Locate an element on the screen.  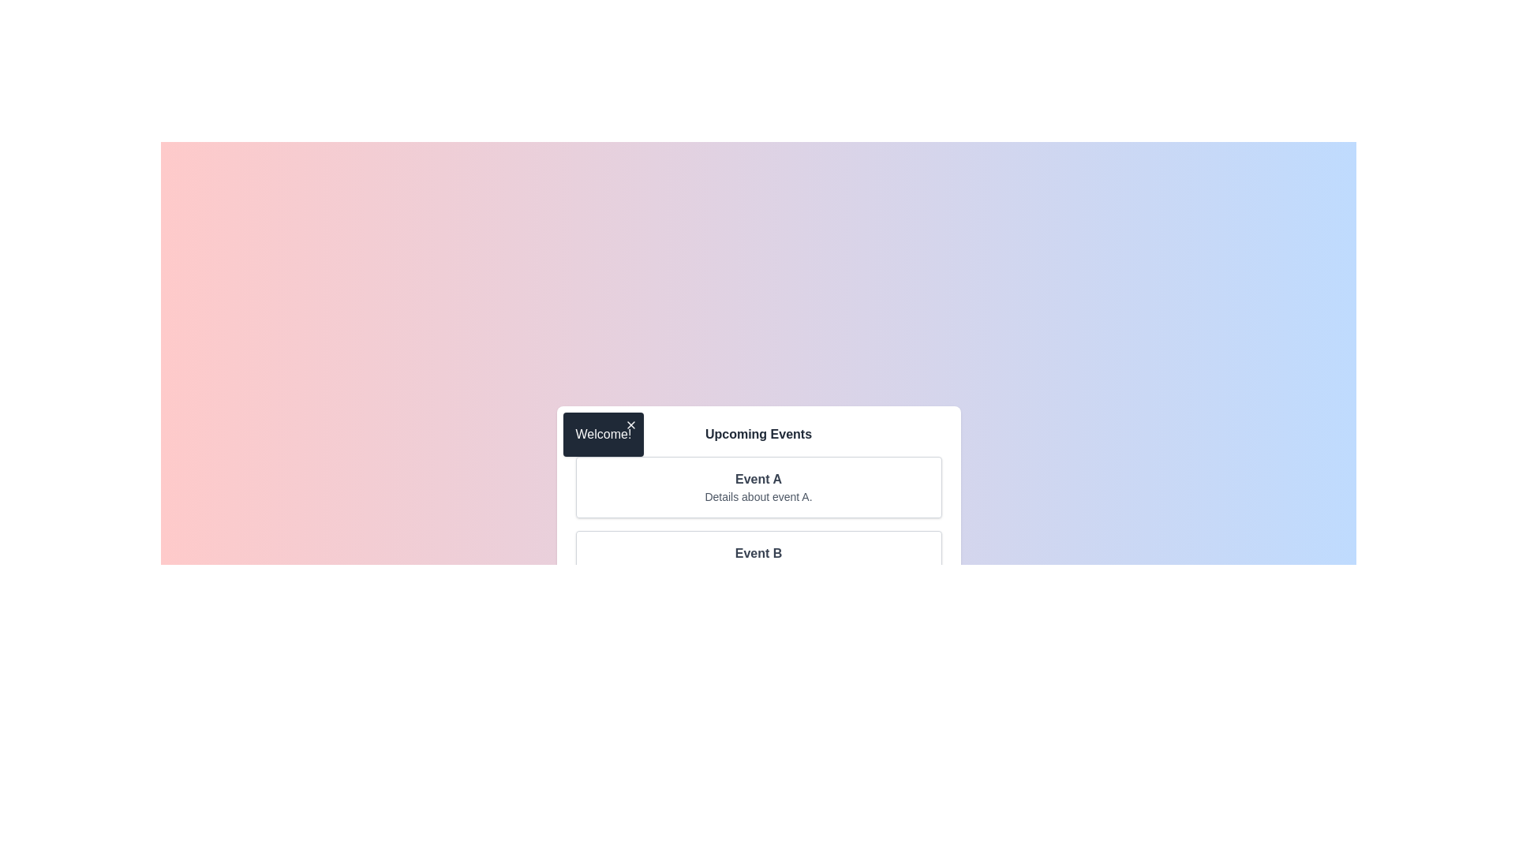
the bold, dark gray text label displaying 'Event B', which serves as a header for the section within a bordered card structure is located at coordinates (758, 553).